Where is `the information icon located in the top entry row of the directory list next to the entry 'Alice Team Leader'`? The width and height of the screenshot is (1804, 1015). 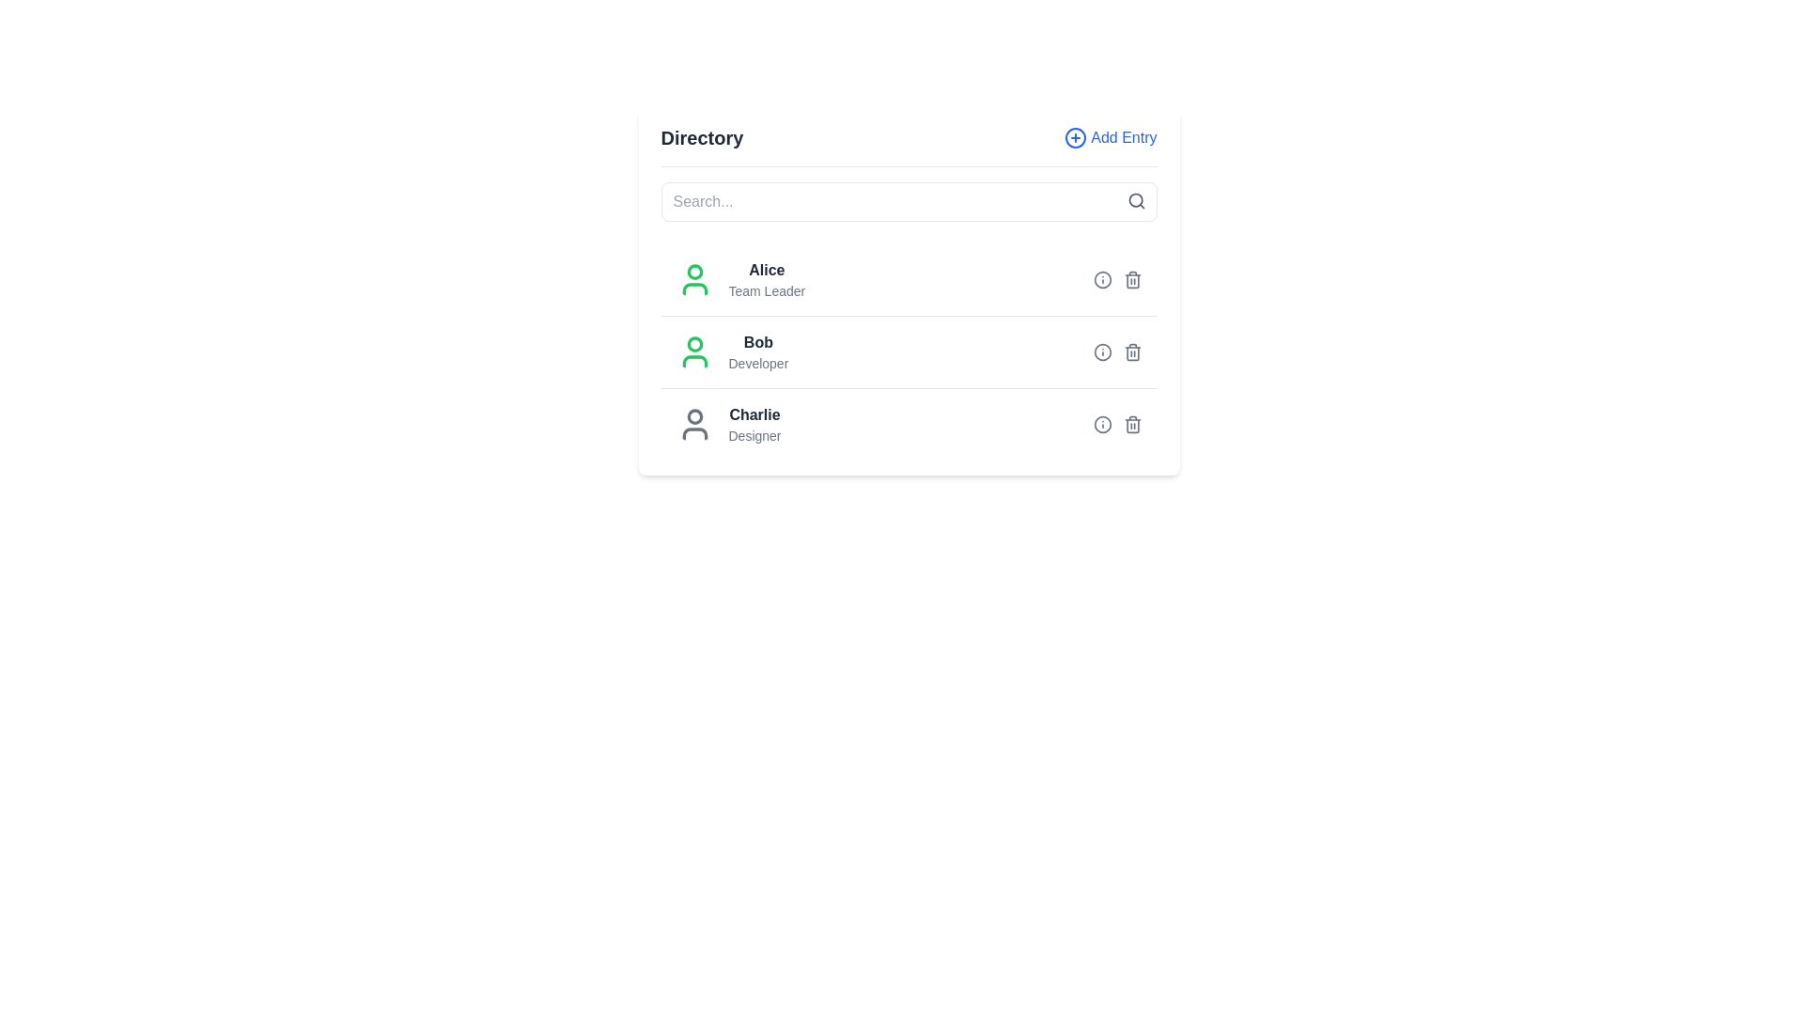
the information icon located in the top entry row of the directory list next to the entry 'Alice Team Leader' is located at coordinates (1117, 279).